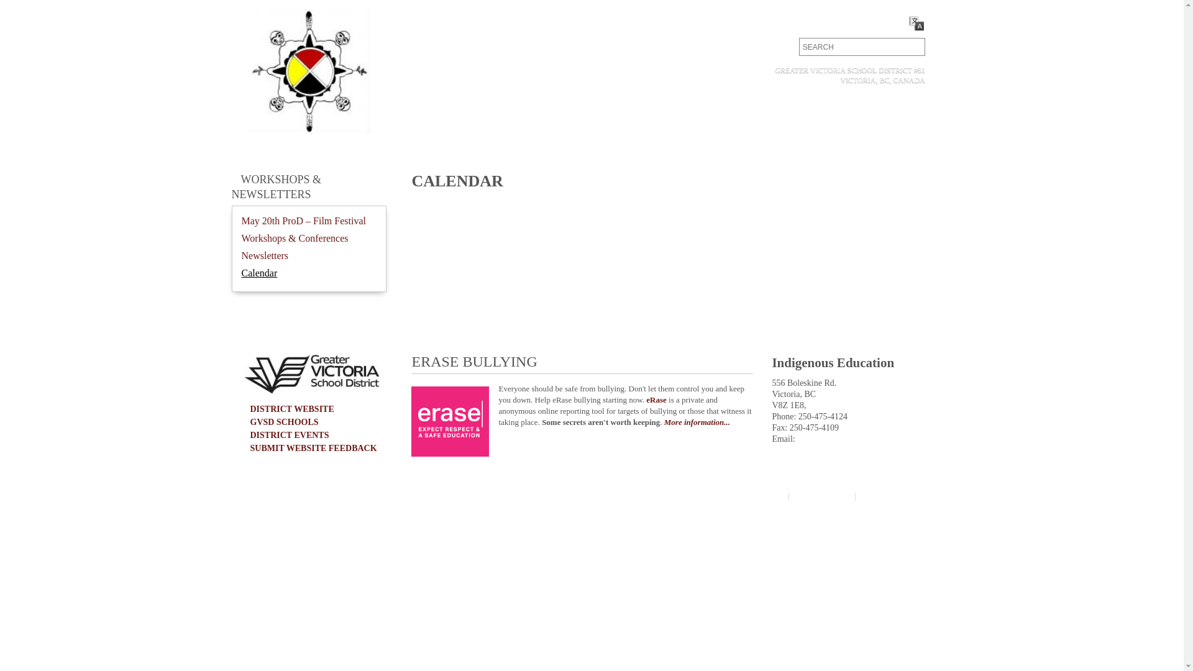 The image size is (1193, 671). What do you see at coordinates (241, 272) in the screenshot?
I see `'Calendar'` at bounding box center [241, 272].